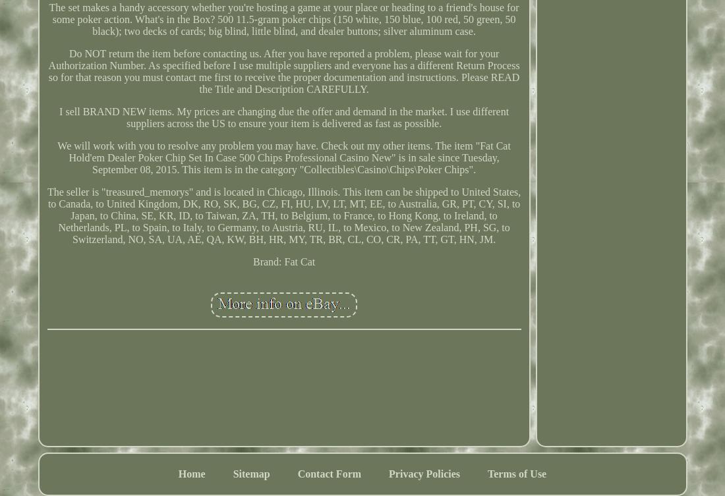  What do you see at coordinates (329, 472) in the screenshot?
I see `'Contact Form'` at bounding box center [329, 472].